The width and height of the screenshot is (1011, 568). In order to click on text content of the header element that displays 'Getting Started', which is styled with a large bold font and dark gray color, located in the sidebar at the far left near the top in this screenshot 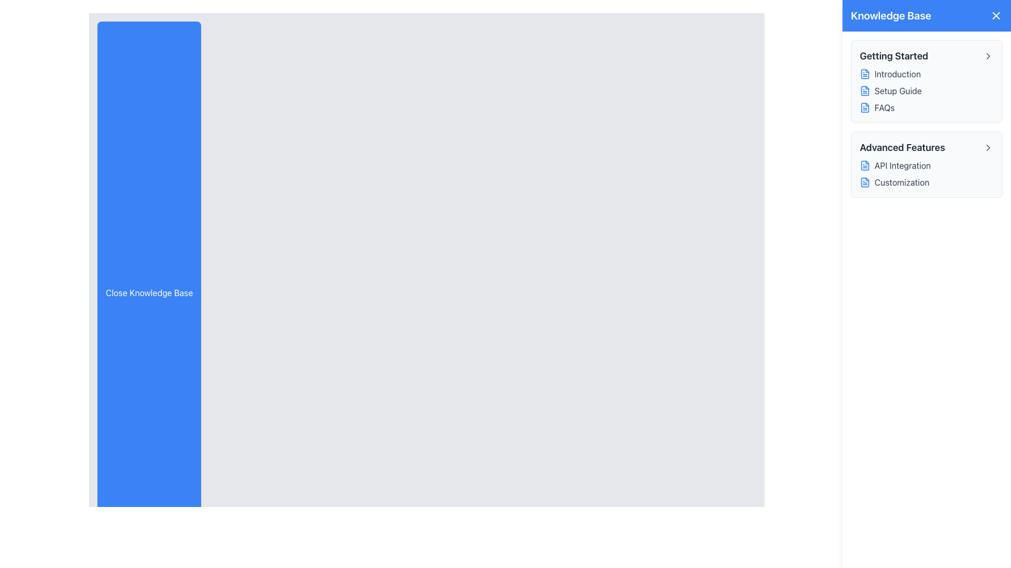, I will do `click(893, 56)`.